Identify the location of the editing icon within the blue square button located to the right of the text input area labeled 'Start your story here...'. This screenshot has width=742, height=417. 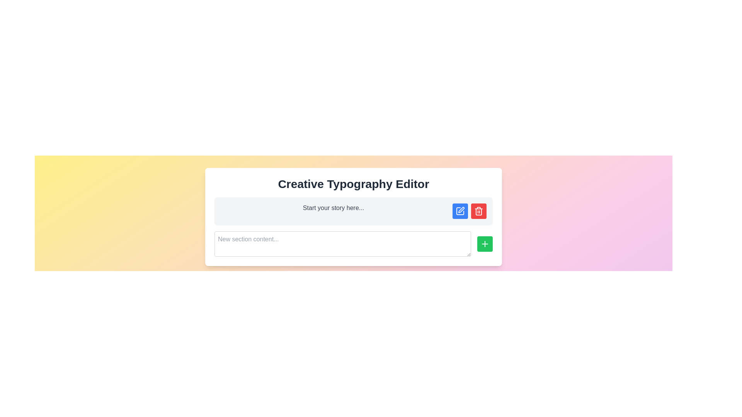
(461, 210).